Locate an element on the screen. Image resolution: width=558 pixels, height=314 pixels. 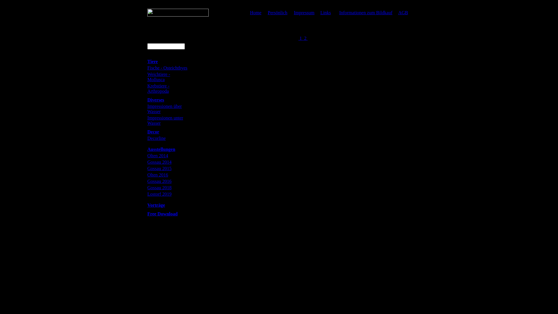
'Impressum' is located at coordinates (304, 12).